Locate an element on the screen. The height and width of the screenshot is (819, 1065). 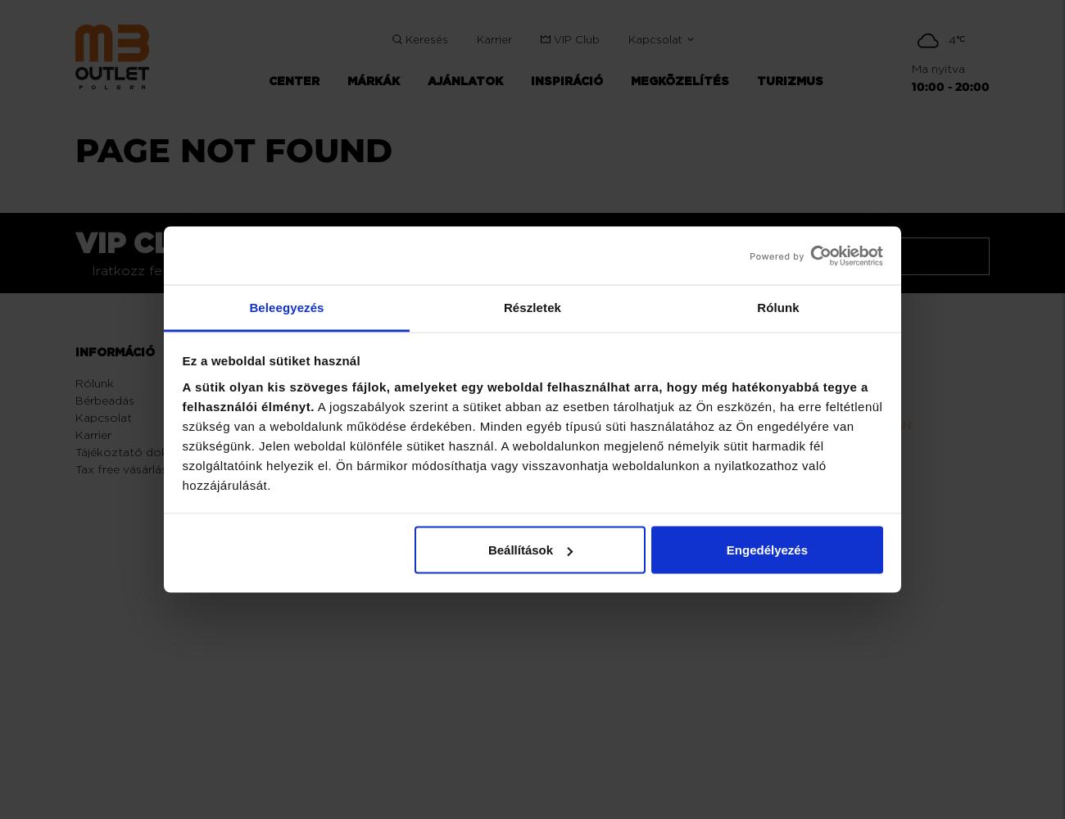
'Információ' is located at coordinates (75, 352).